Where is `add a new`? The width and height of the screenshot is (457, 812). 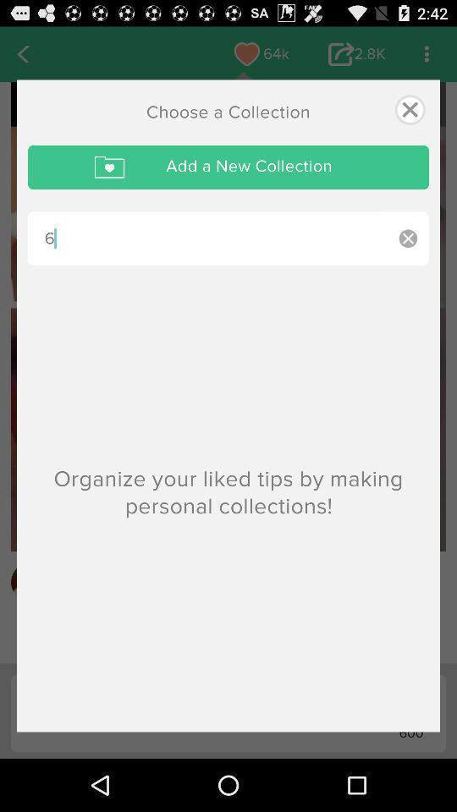 add a new is located at coordinates (228, 167).